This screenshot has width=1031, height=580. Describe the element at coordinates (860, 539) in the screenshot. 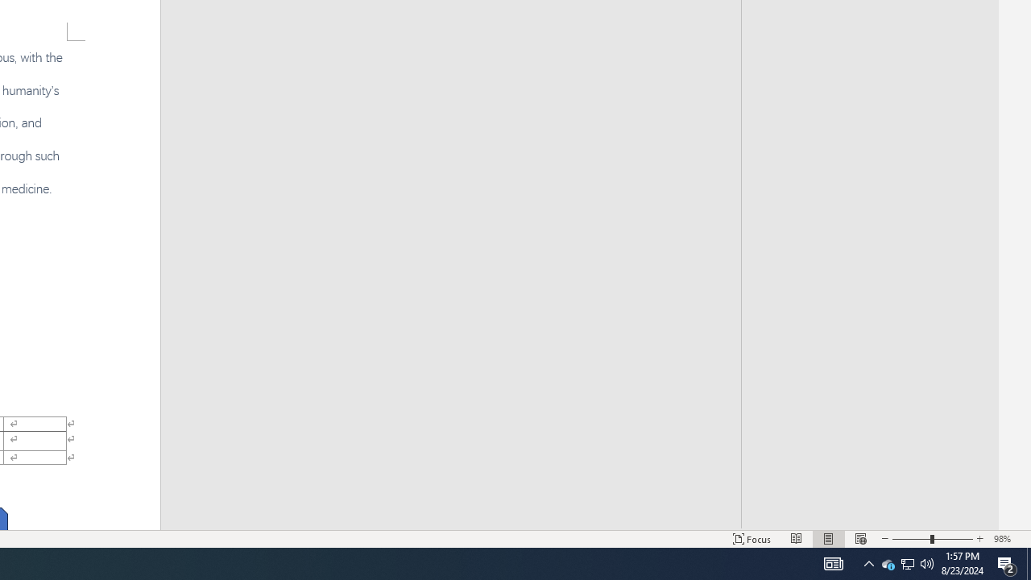

I see `'Web Layout'` at that location.